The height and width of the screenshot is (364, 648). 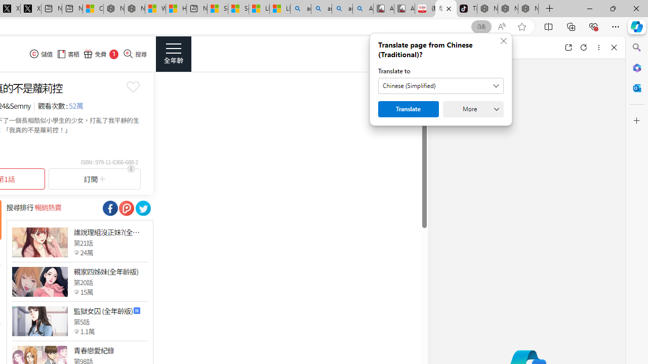 I want to click on 'Nordace Siena Pro 15 Backpack', so click(x=508, y=9).